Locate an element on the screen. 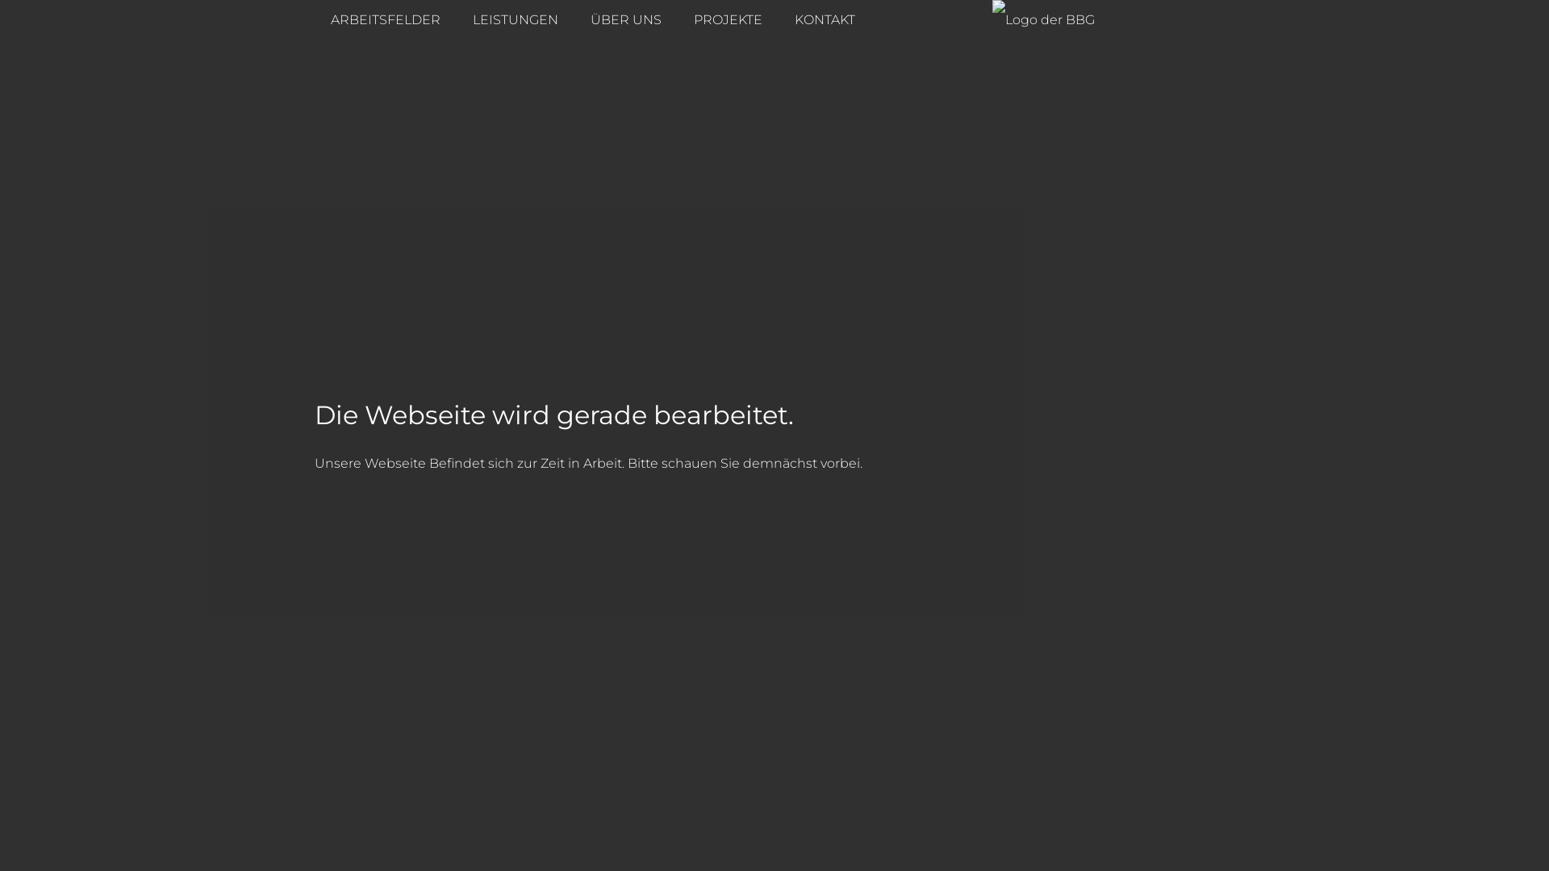 This screenshot has width=1549, height=871. 'PROJEKTE' is located at coordinates (727, 19).